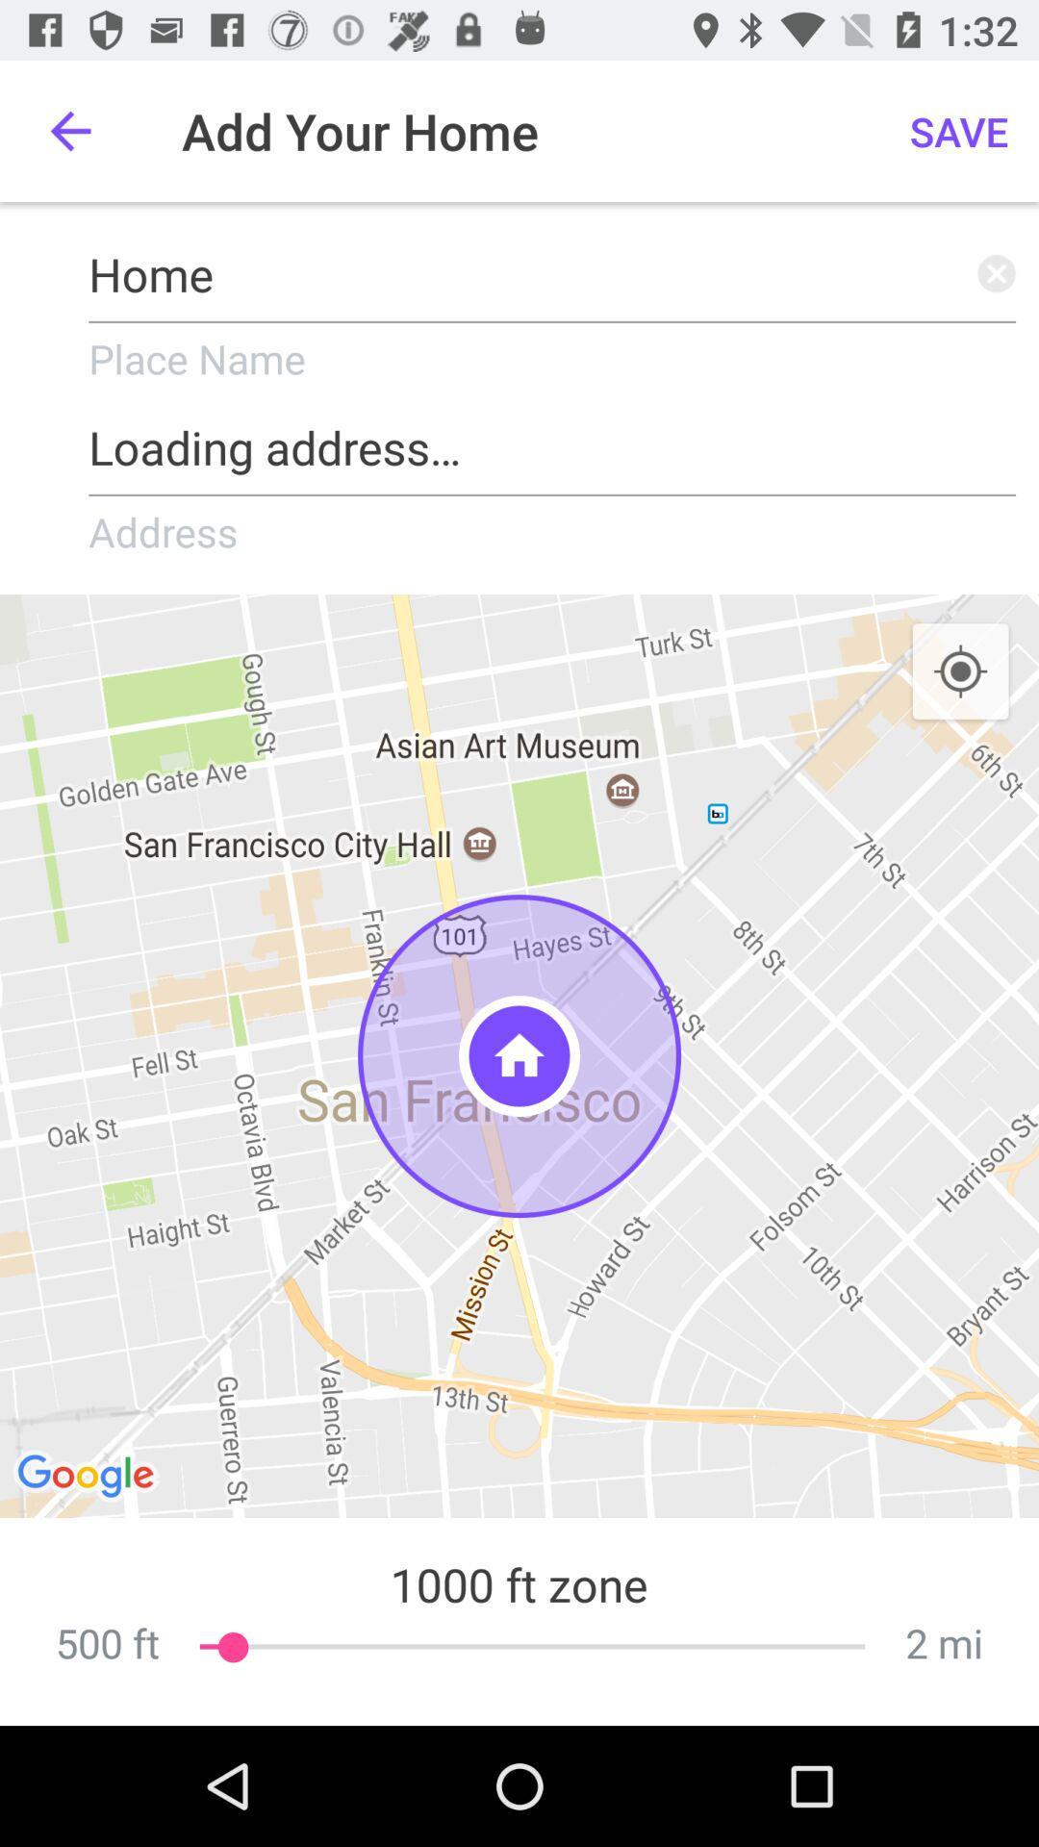 This screenshot has height=1847, width=1039. What do you see at coordinates (961, 672) in the screenshot?
I see `the right topmost corner option on the map` at bounding box center [961, 672].